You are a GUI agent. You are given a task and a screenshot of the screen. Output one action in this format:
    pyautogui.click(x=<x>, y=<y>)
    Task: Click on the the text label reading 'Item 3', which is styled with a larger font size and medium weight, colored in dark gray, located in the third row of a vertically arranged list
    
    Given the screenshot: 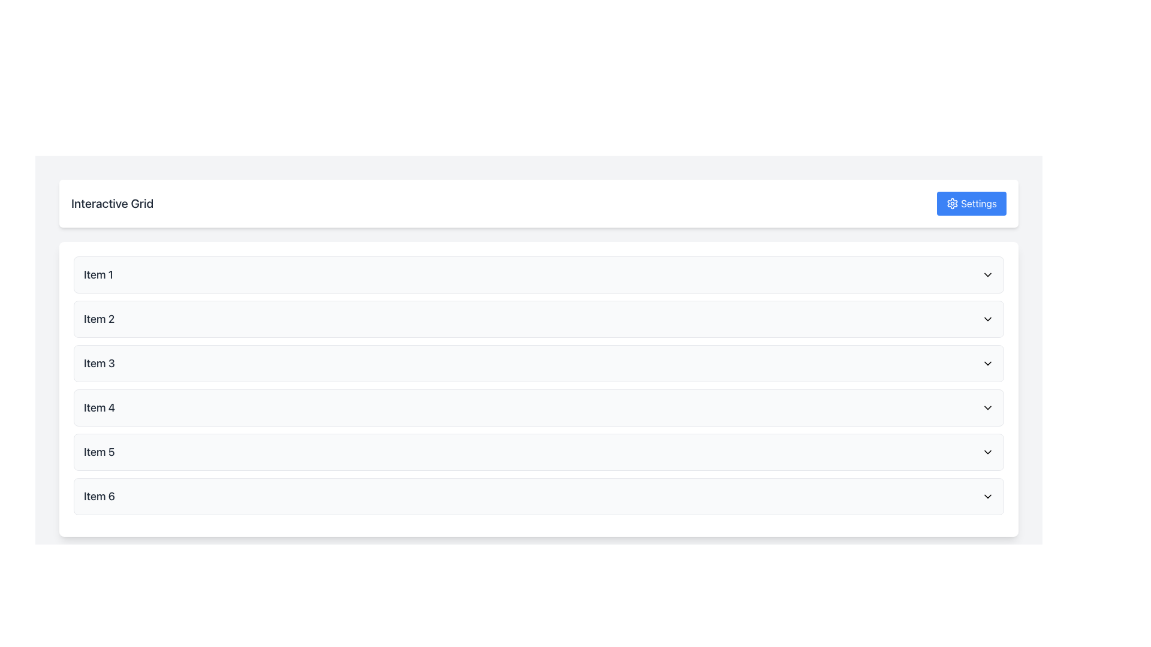 What is the action you would take?
    pyautogui.click(x=99, y=362)
    